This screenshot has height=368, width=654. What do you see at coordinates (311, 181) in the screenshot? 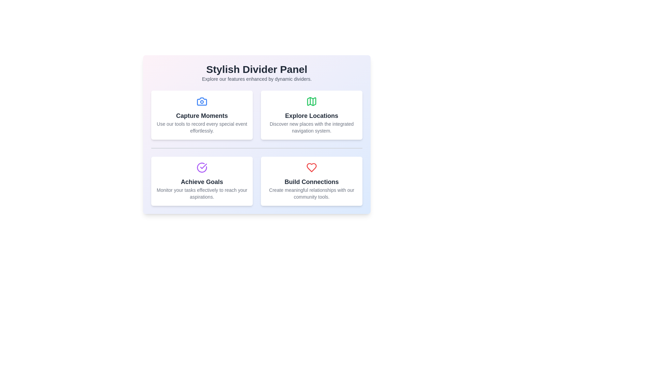
I see `the title text label of the fourth card in the grid layout` at bounding box center [311, 181].